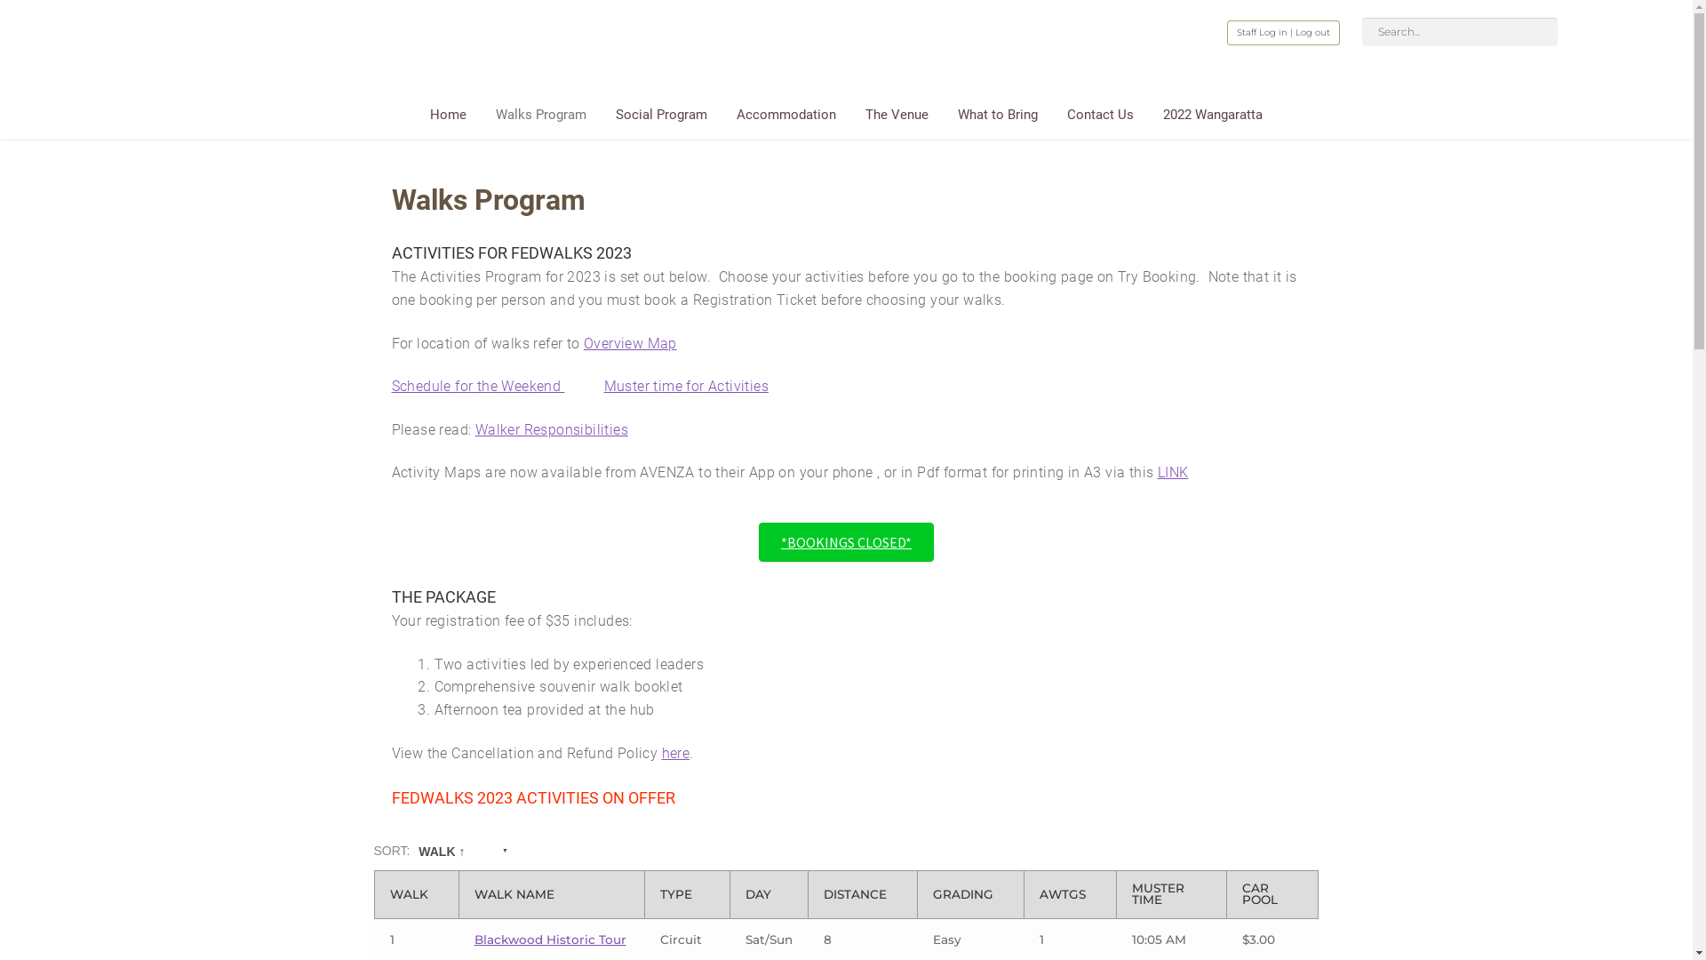 This screenshot has height=960, width=1706. I want to click on 'What to Bring', so click(998, 119).